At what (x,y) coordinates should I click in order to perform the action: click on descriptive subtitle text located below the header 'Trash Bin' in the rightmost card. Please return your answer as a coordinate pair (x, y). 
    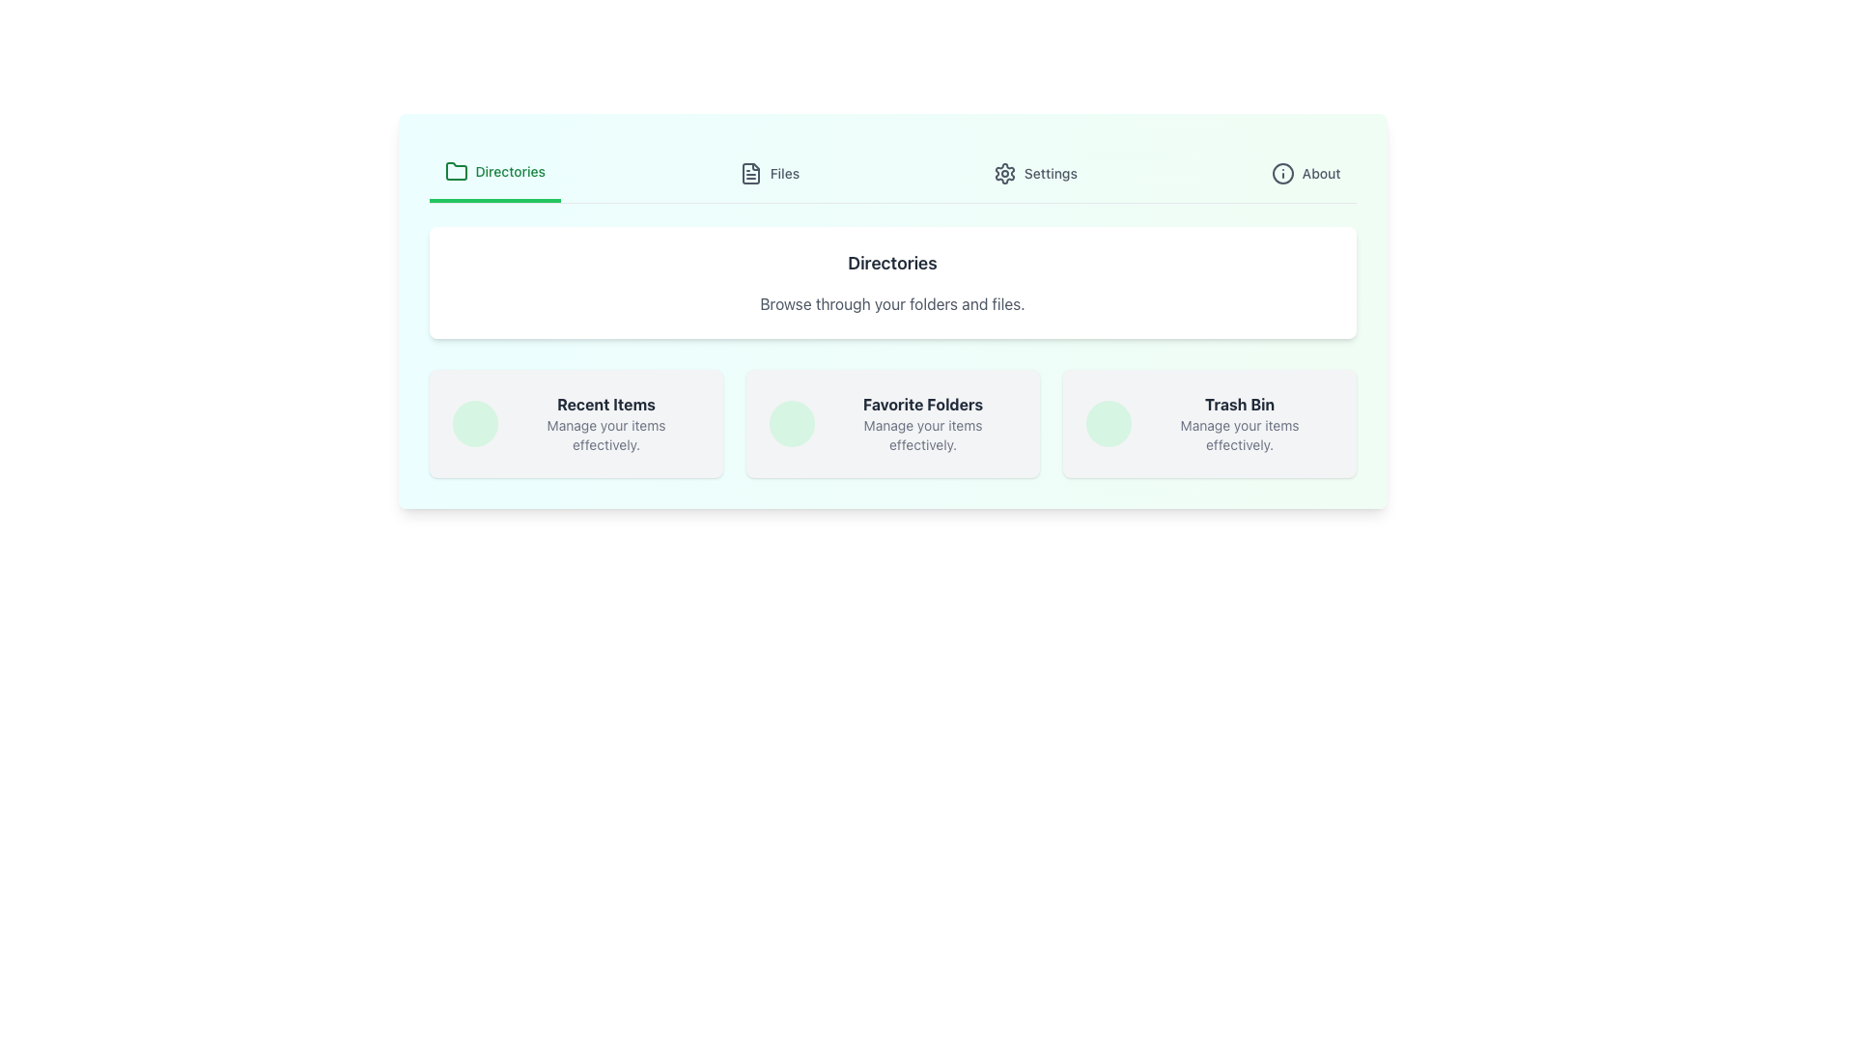
    Looking at the image, I should click on (1240, 436).